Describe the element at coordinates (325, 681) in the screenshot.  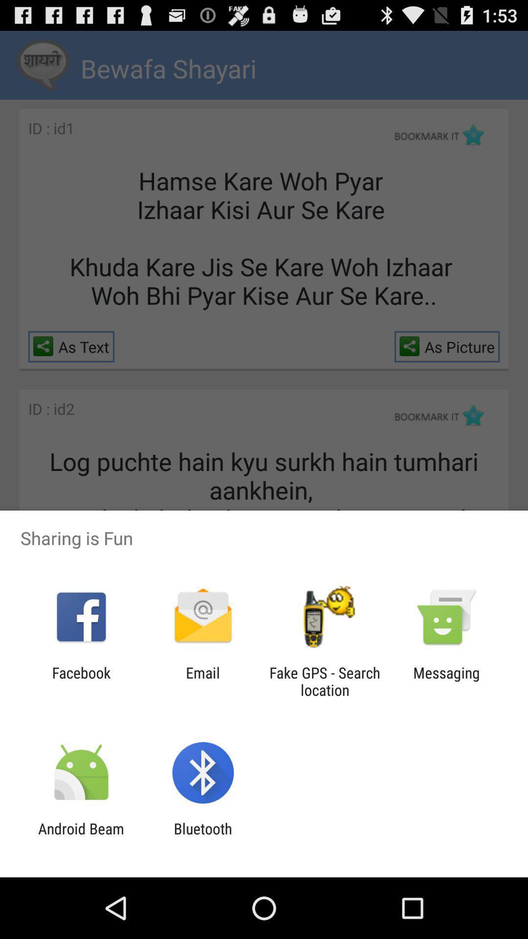
I see `the icon next to messaging icon` at that location.